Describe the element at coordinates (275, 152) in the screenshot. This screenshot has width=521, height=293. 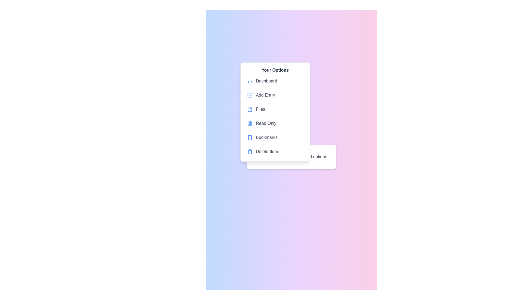
I see `the menu item labeled 'Delete Item' in the context menu` at that location.